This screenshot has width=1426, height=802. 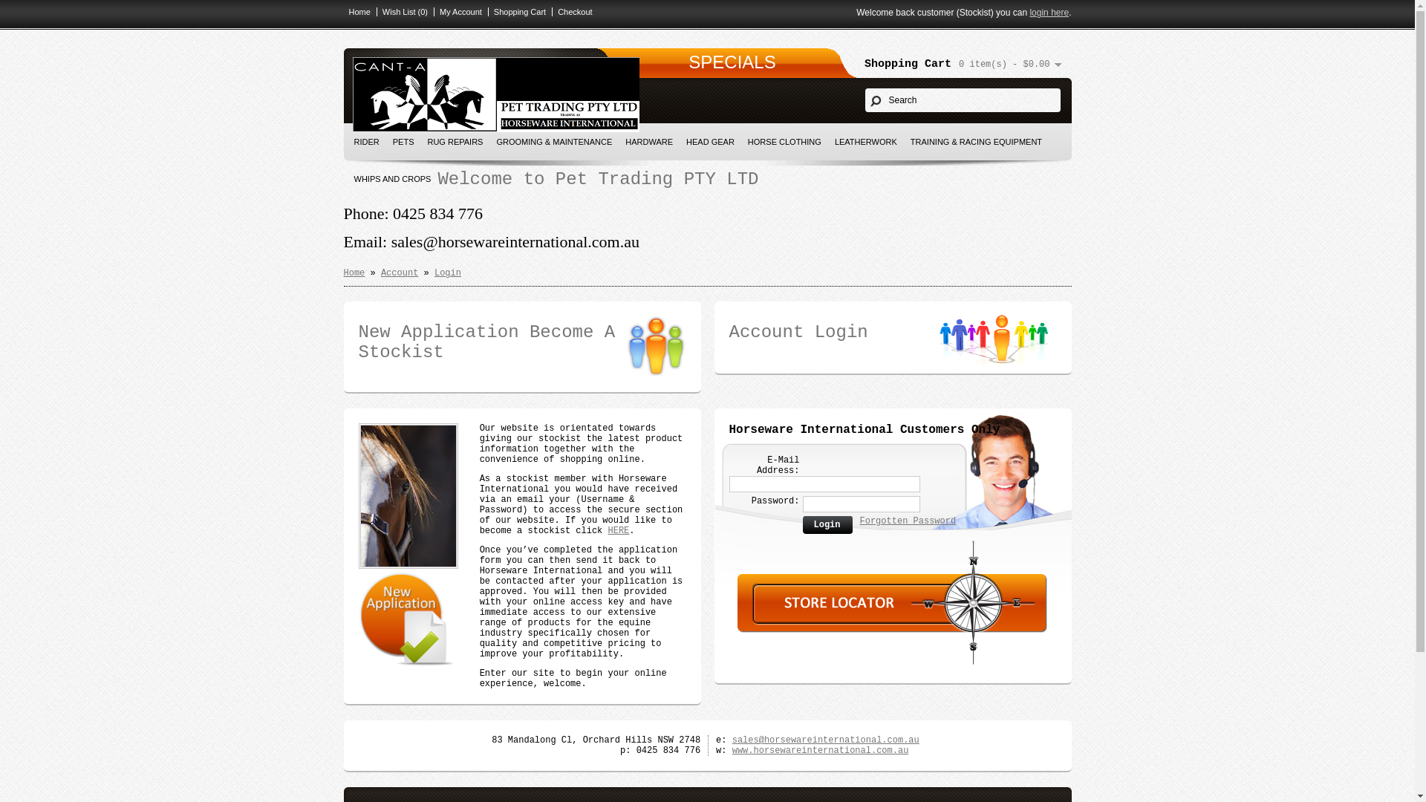 I want to click on 'HERE', so click(x=618, y=529).